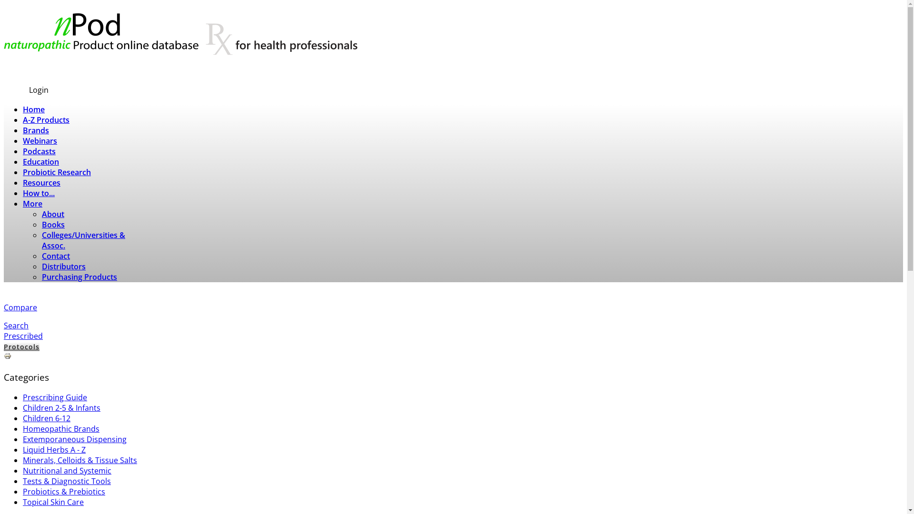 The height and width of the screenshot is (514, 914). Describe the element at coordinates (52, 224) in the screenshot. I see `'Books'` at that location.